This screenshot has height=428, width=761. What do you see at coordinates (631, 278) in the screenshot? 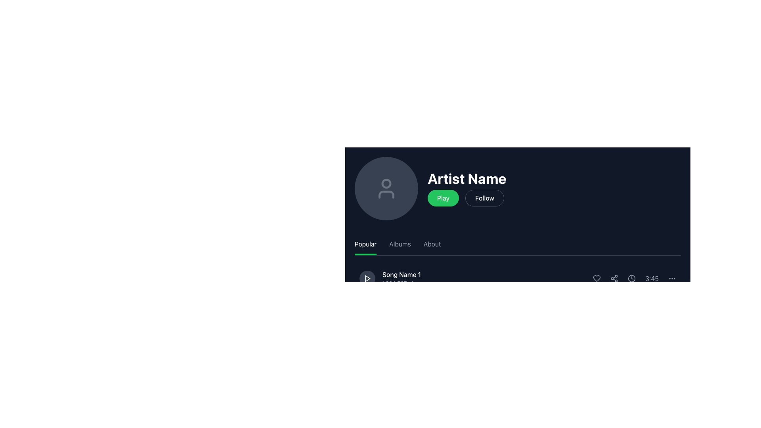
I see `the circular clock icon, which is outlined with a thin stroke and contains clock-like details, positioned third from the left in a row aligned with the text '3:45'` at bounding box center [631, 278].